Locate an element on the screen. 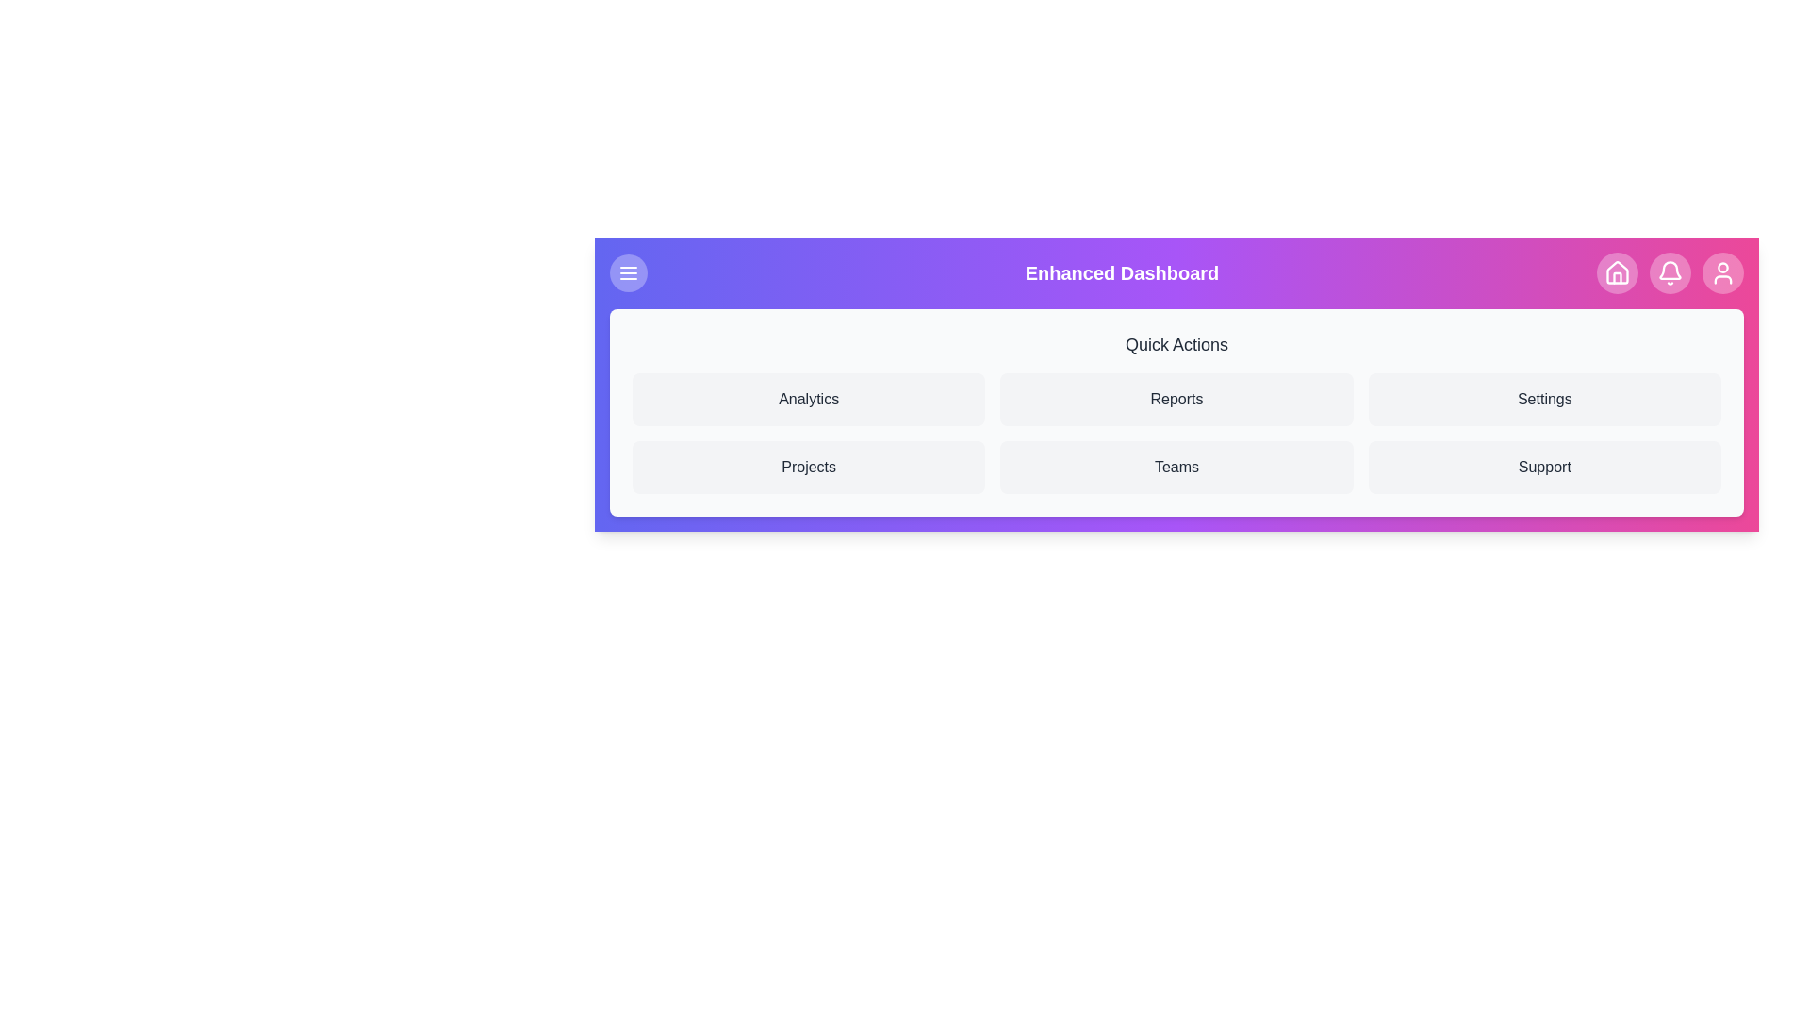 This screenshot has height=1018, width=1810. the 'Notifications' button is located at coordinates (1670, 272).